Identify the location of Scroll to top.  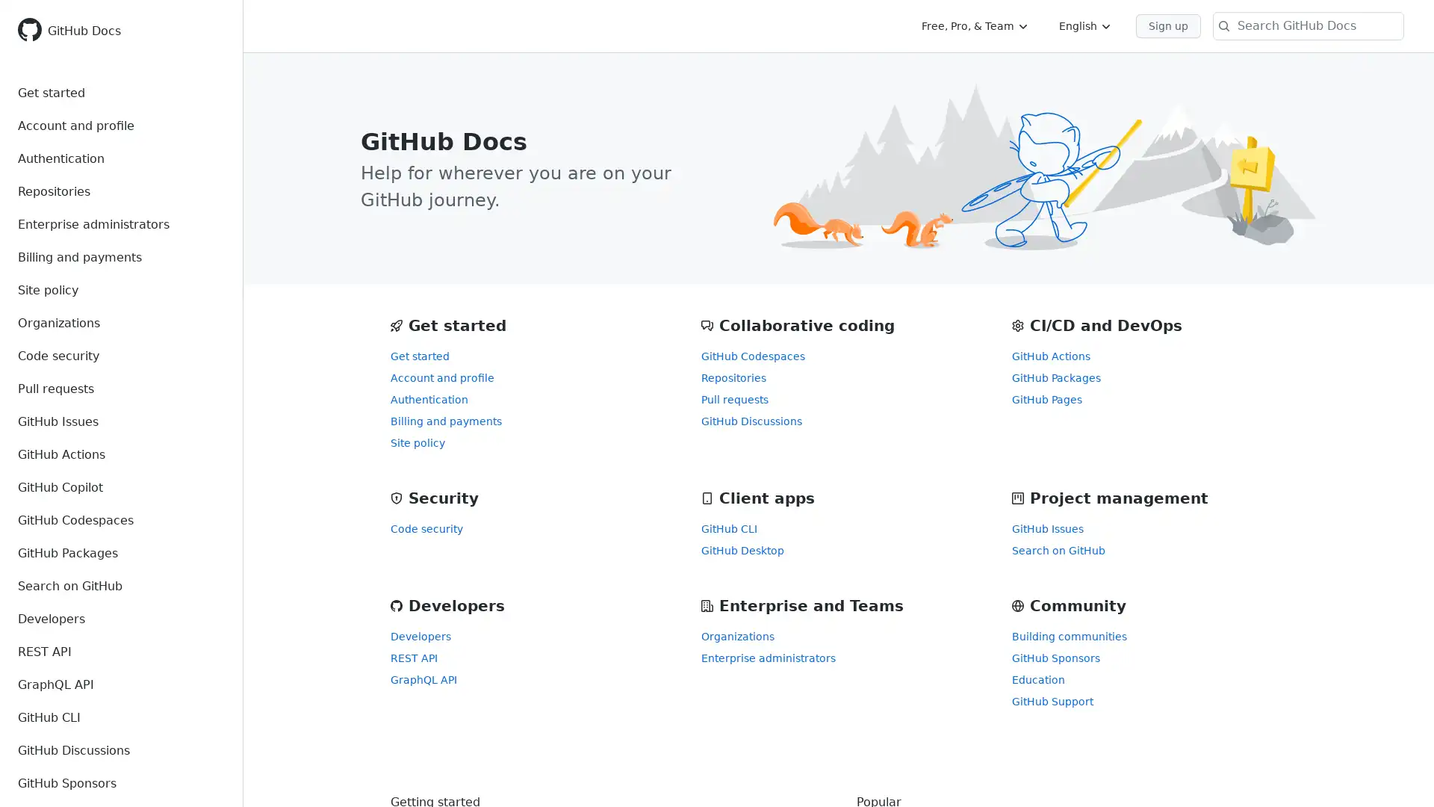
(1400, 773).